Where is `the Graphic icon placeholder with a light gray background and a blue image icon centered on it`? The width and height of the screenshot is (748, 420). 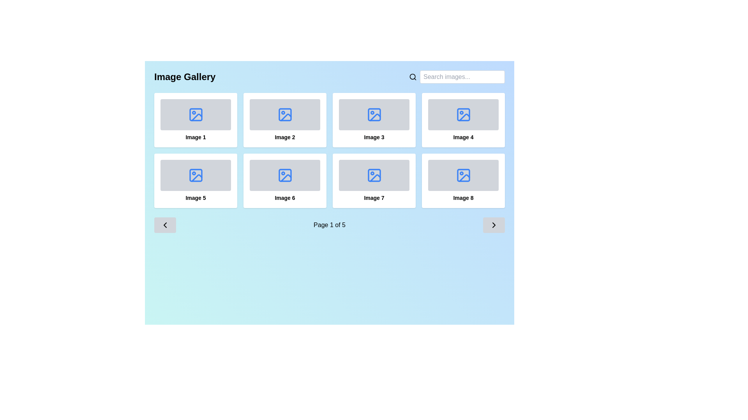
the Graphic icon placeholder with a light gray background and a blue image icon centered on it is located at coordinates (374, 175).